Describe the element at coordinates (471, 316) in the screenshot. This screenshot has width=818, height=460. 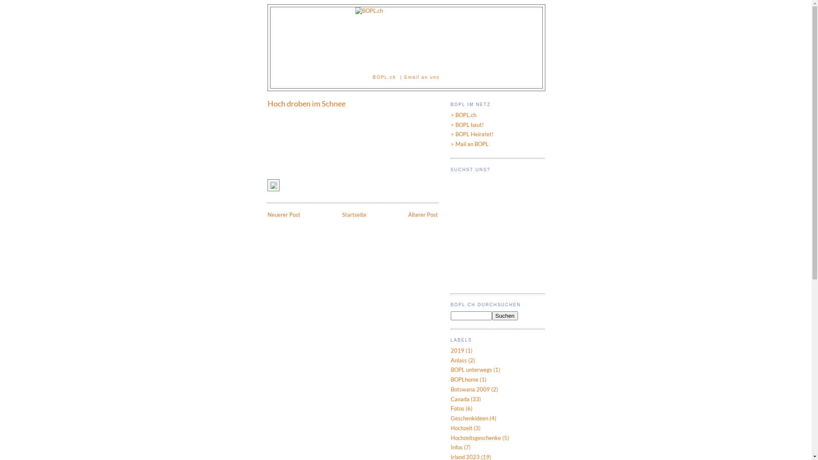
I see `'search'` at that location.